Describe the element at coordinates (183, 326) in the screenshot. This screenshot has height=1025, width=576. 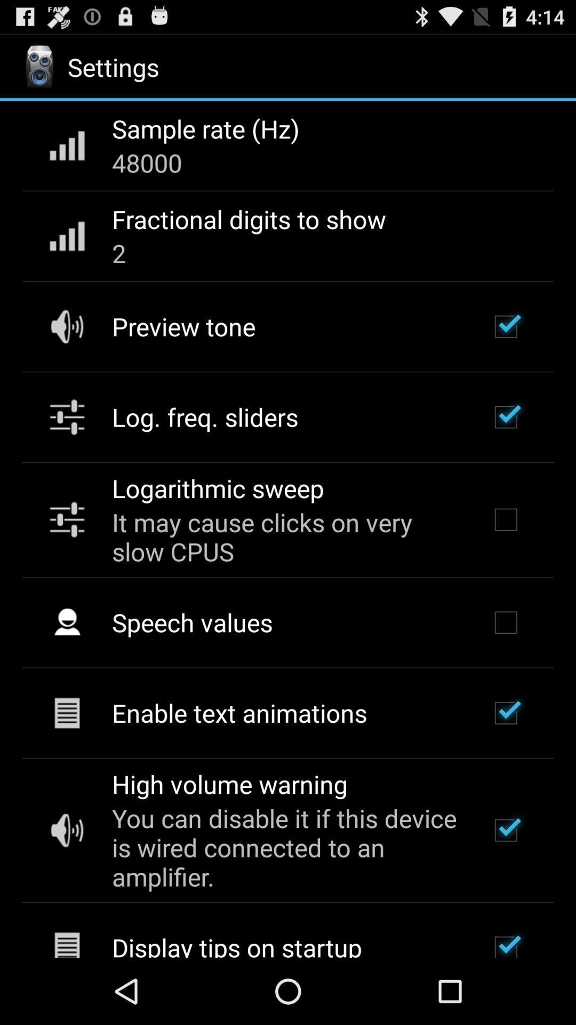
I see `the preview tone` at that location.